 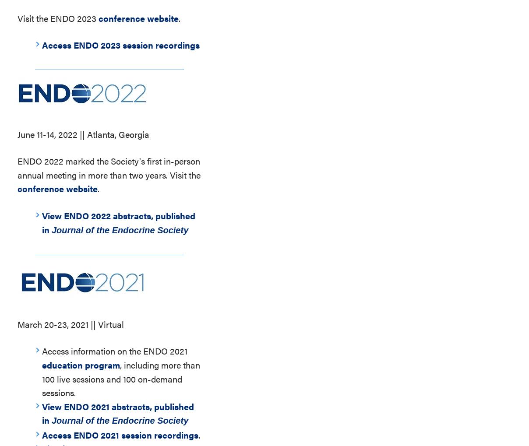 What do you see at coordinates (121, 378) in the screenshot?
I see `', including more than 100 live sessions and 100 on-demand sessions.'` at bounding box center [121, 378].